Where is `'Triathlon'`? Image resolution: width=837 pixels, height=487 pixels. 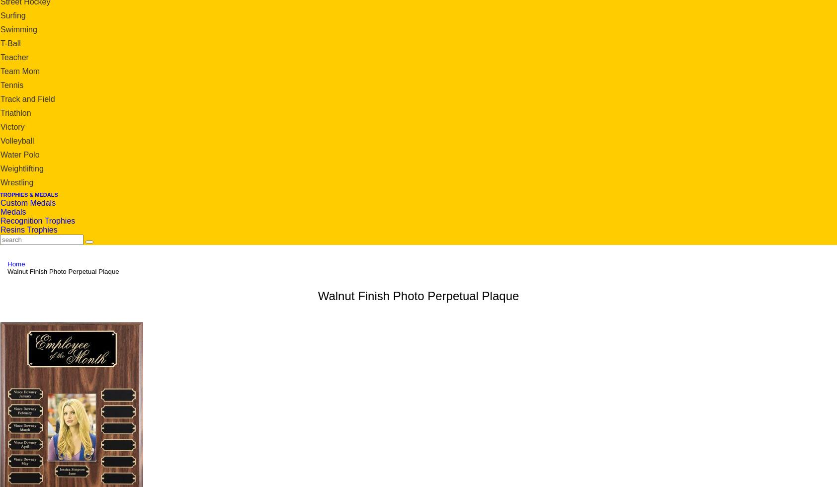 'Triathlon' is located at coordinates (0, 112).